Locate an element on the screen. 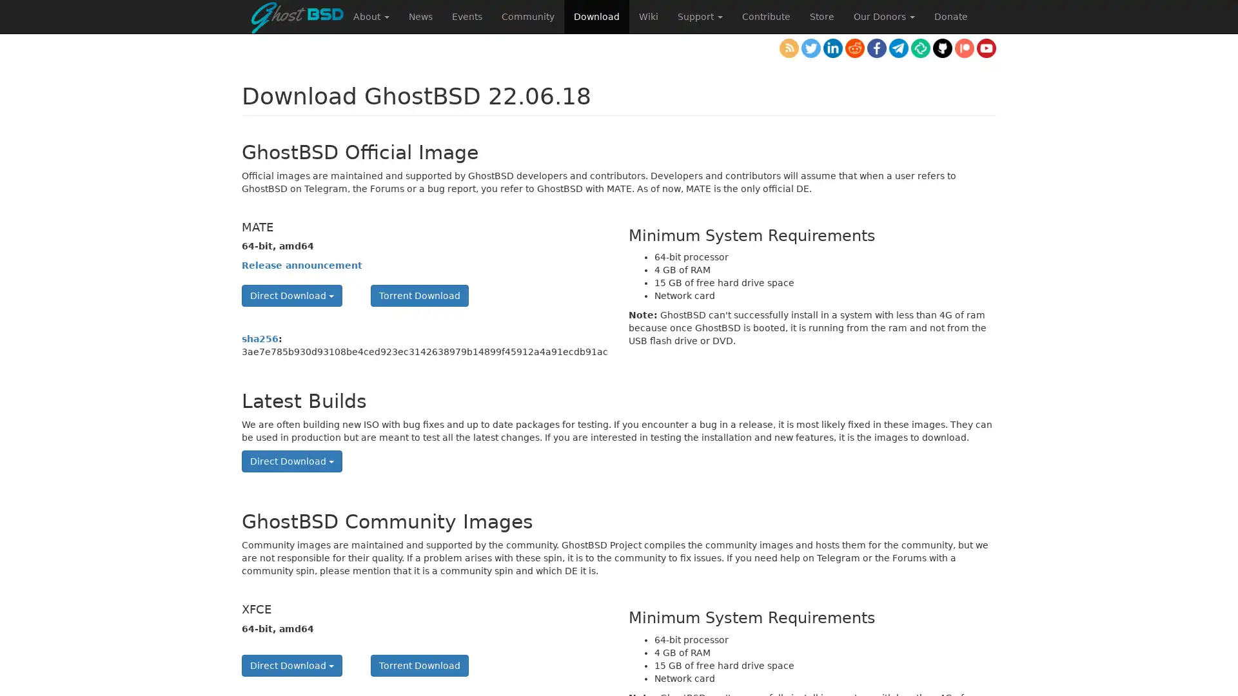 The width and height of the screenshot is (1238, 696). Direct Download is located at coordinates (291, 461).